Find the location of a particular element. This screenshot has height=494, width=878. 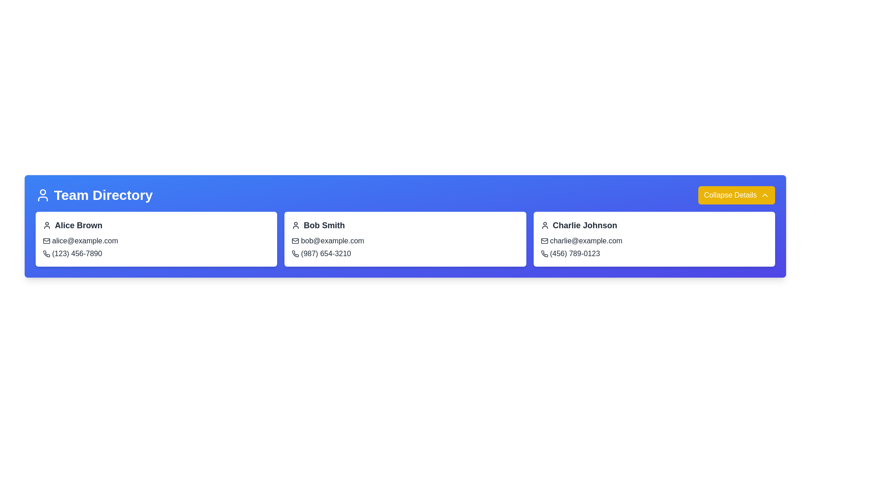

the first Information Card in the Team Directory, which displays a contact entry with name, email, and phone number is located at coordinates (156, 239).